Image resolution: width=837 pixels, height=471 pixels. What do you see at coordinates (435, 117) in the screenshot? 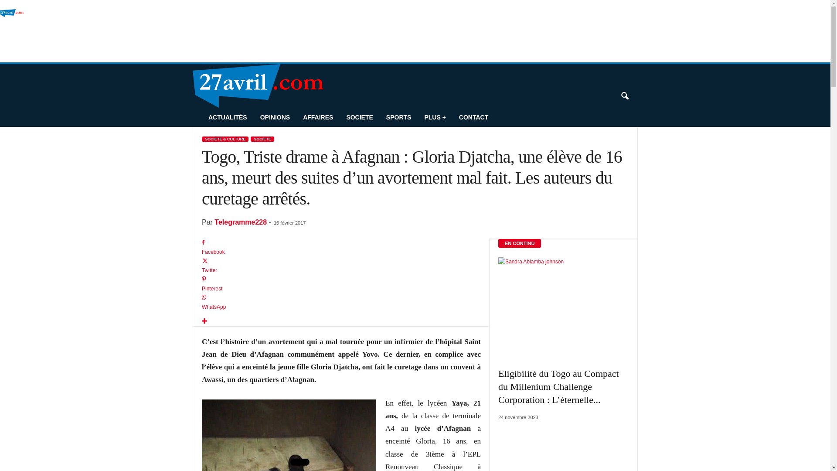
I see `'PLUS +'` at bounding box center [435, 117].